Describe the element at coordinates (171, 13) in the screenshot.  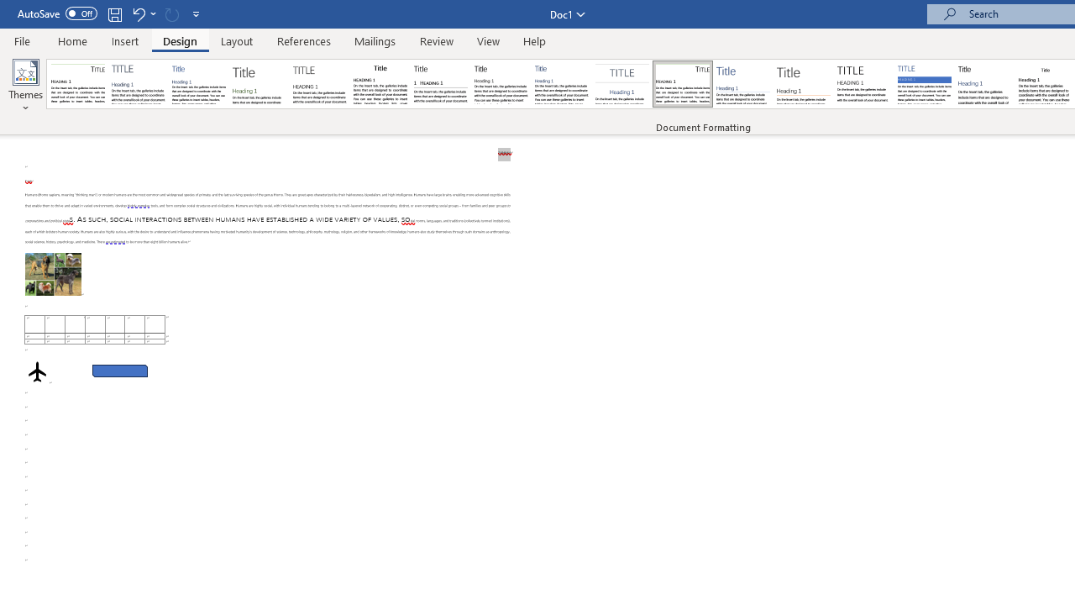
I see `'Can'` at that location.